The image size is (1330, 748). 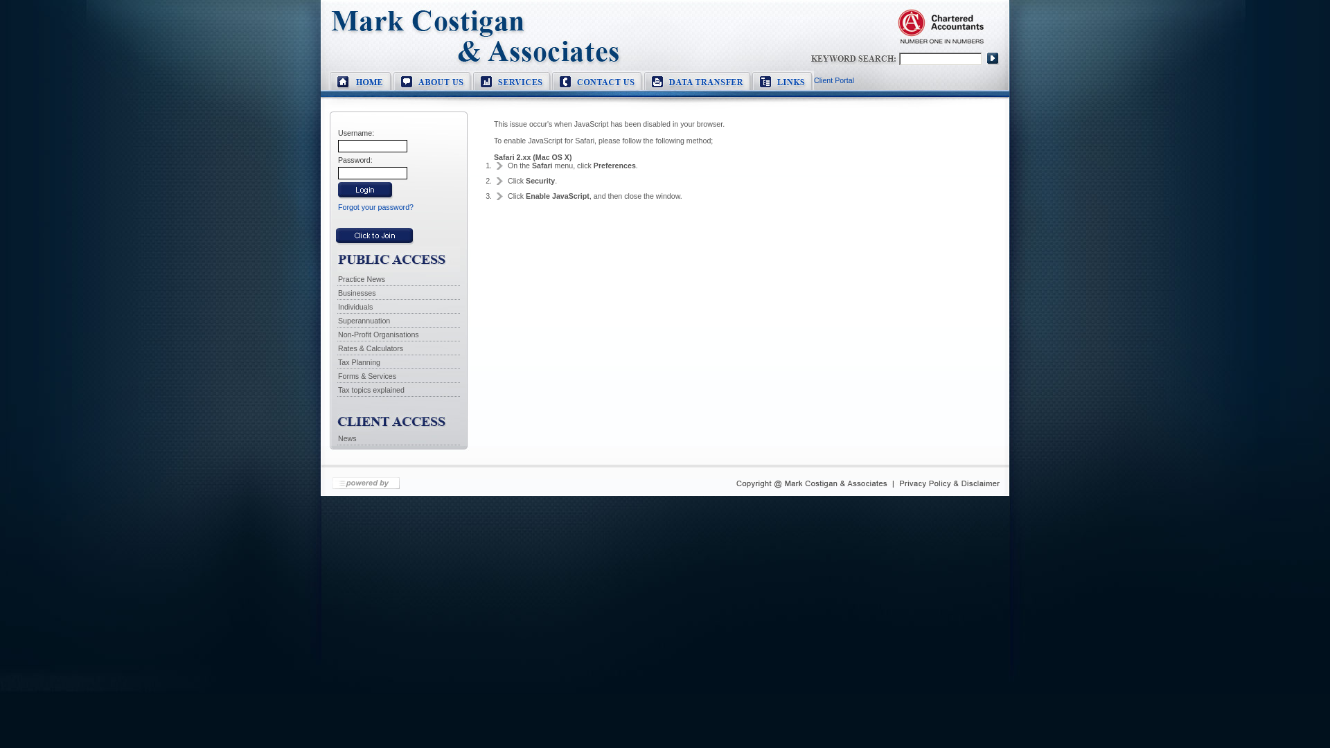 I want to click on 'Links', so click(x=751, y=87).